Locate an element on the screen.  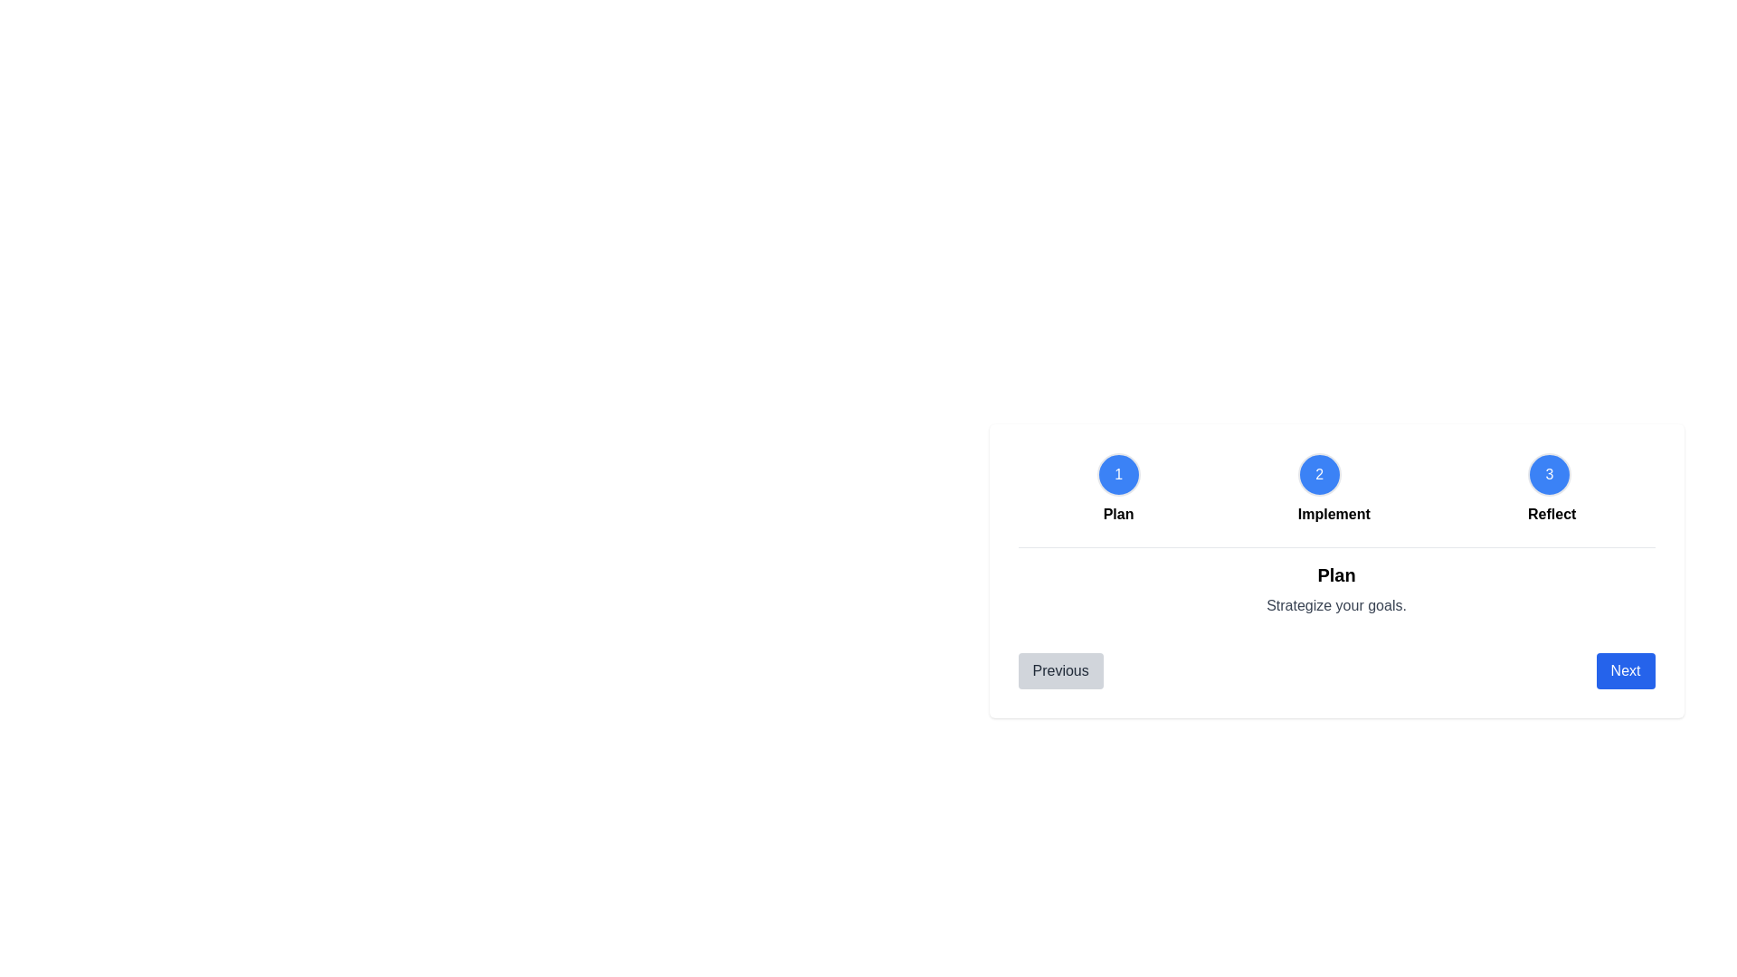
the step circle corresponding to 2 is located at coordinates (1319, 473).